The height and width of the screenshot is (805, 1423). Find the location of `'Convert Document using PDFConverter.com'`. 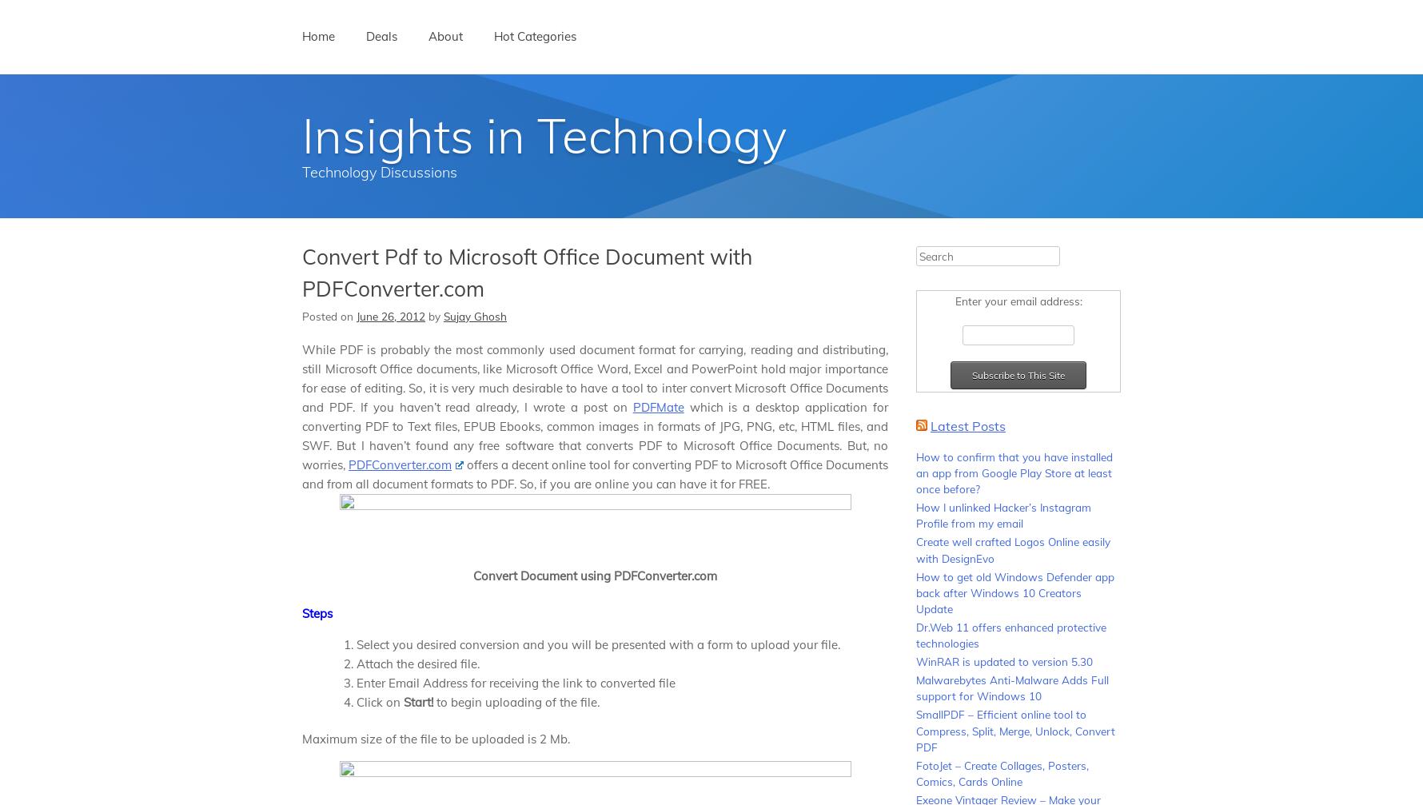

'Convert Document using PDFConverter.com' is located at coordinates (595, 575).